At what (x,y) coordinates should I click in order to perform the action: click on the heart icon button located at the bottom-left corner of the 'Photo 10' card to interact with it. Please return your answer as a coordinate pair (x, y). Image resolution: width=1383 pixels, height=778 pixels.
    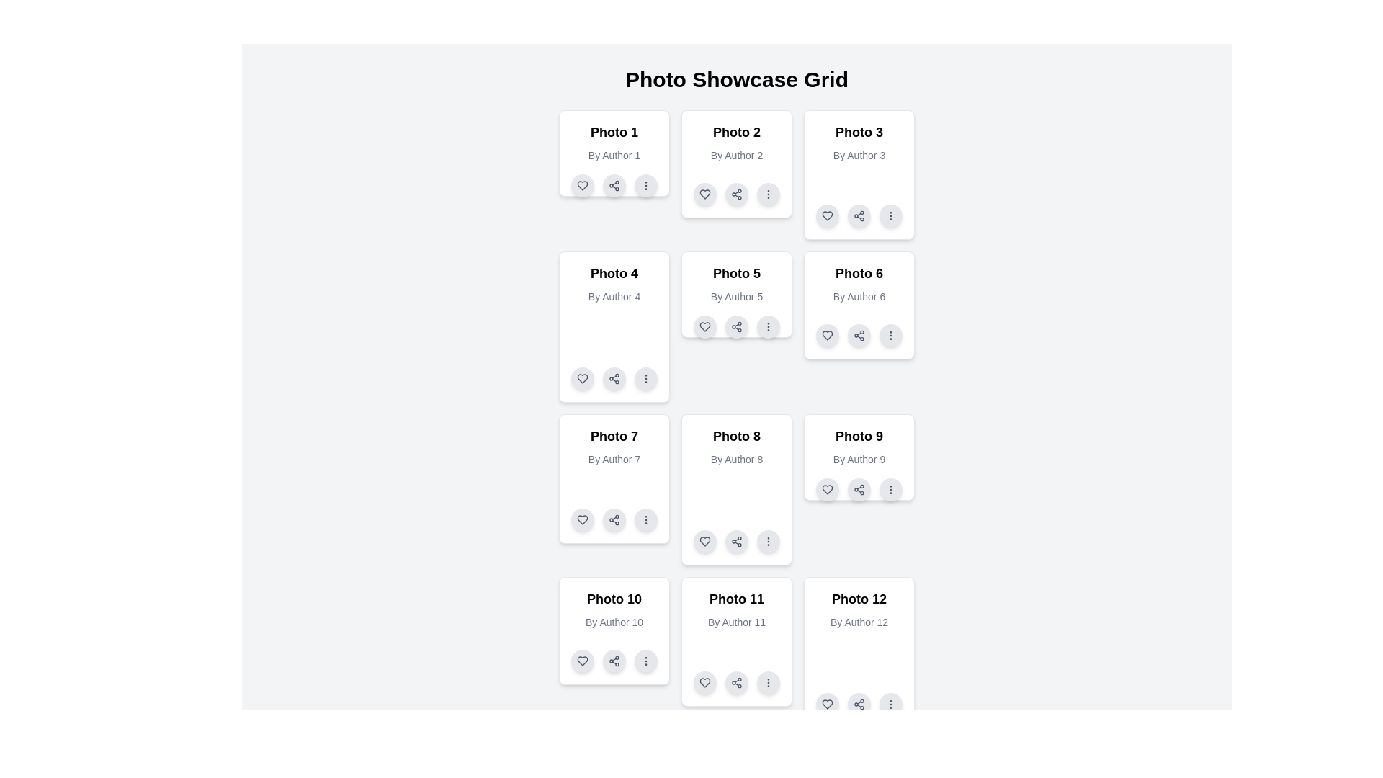
    Looking at the image, I should click on (583, 661).